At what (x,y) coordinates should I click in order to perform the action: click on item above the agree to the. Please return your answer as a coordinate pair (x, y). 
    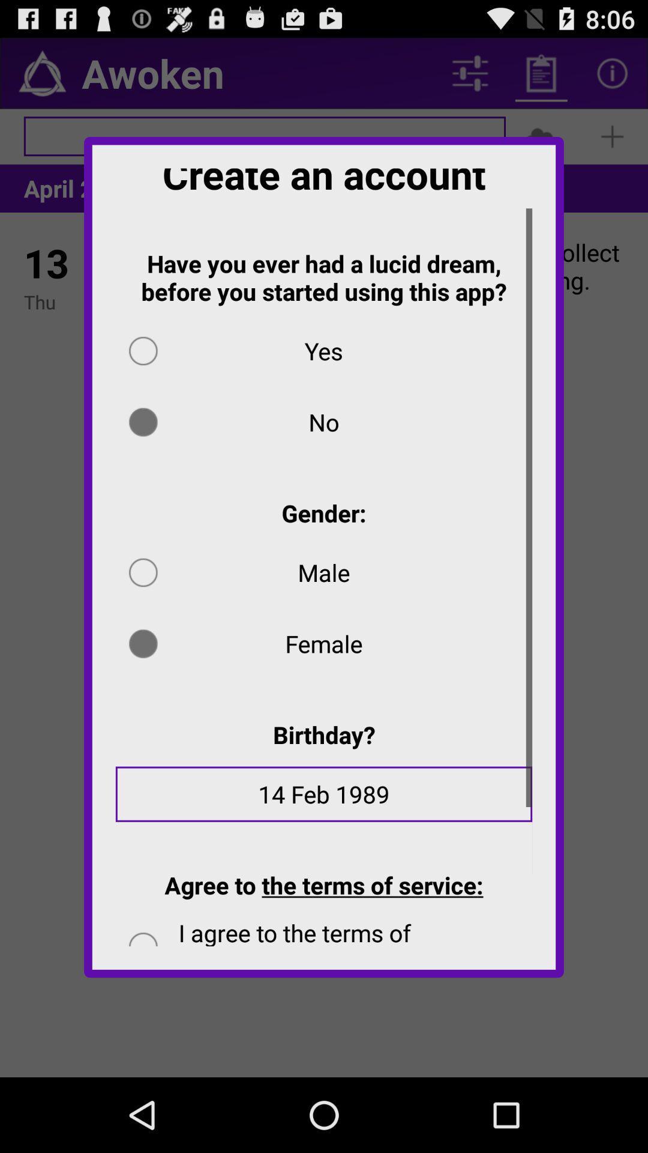
    Looking at the image, I should click on (324, 802).